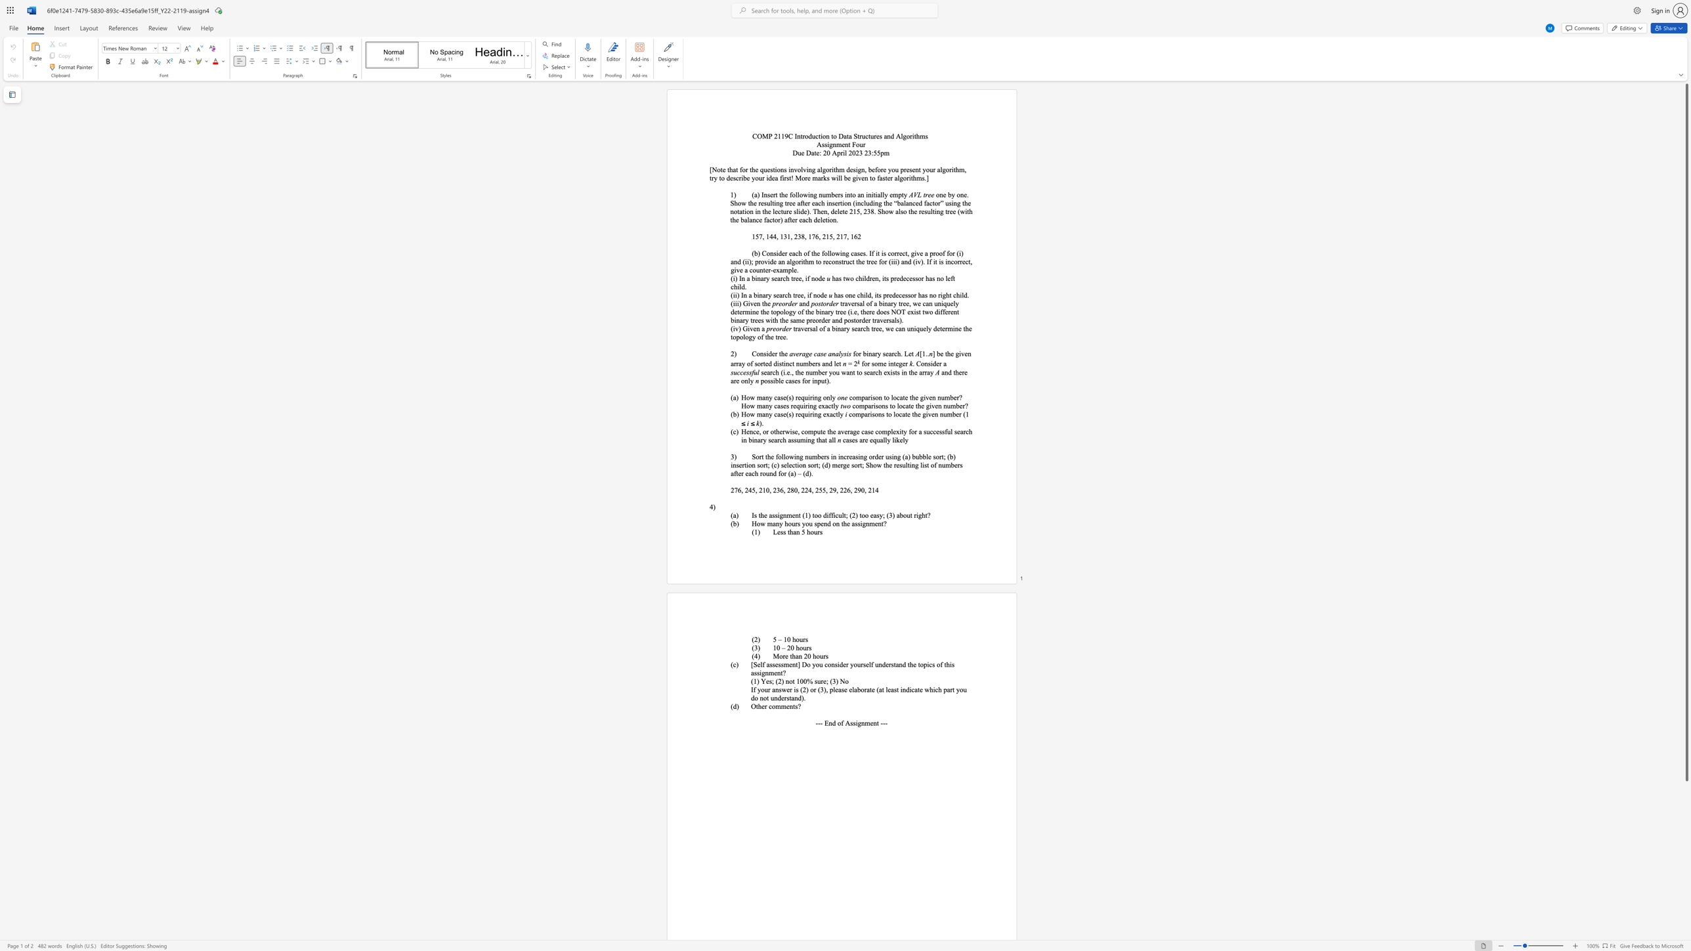 This screenshot has width=1691, height=951. What do you see at coordinates (764, 278) in the screenshot?
I see `the 1th character "r" in the text` at bounding box center [764, 278].